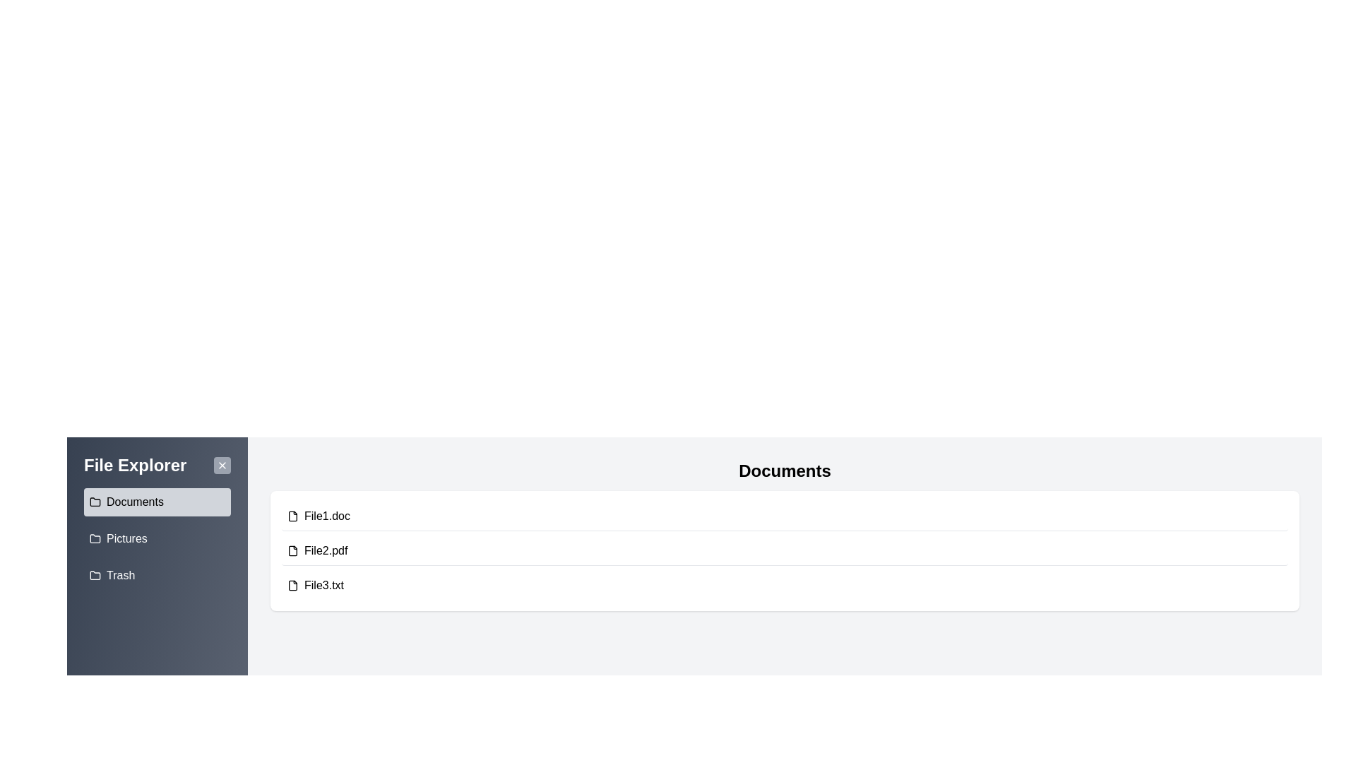  Describe the element at coordinates (157, 575) in the screenshot. I see `the folder named Trash from the sidebar` at that location.